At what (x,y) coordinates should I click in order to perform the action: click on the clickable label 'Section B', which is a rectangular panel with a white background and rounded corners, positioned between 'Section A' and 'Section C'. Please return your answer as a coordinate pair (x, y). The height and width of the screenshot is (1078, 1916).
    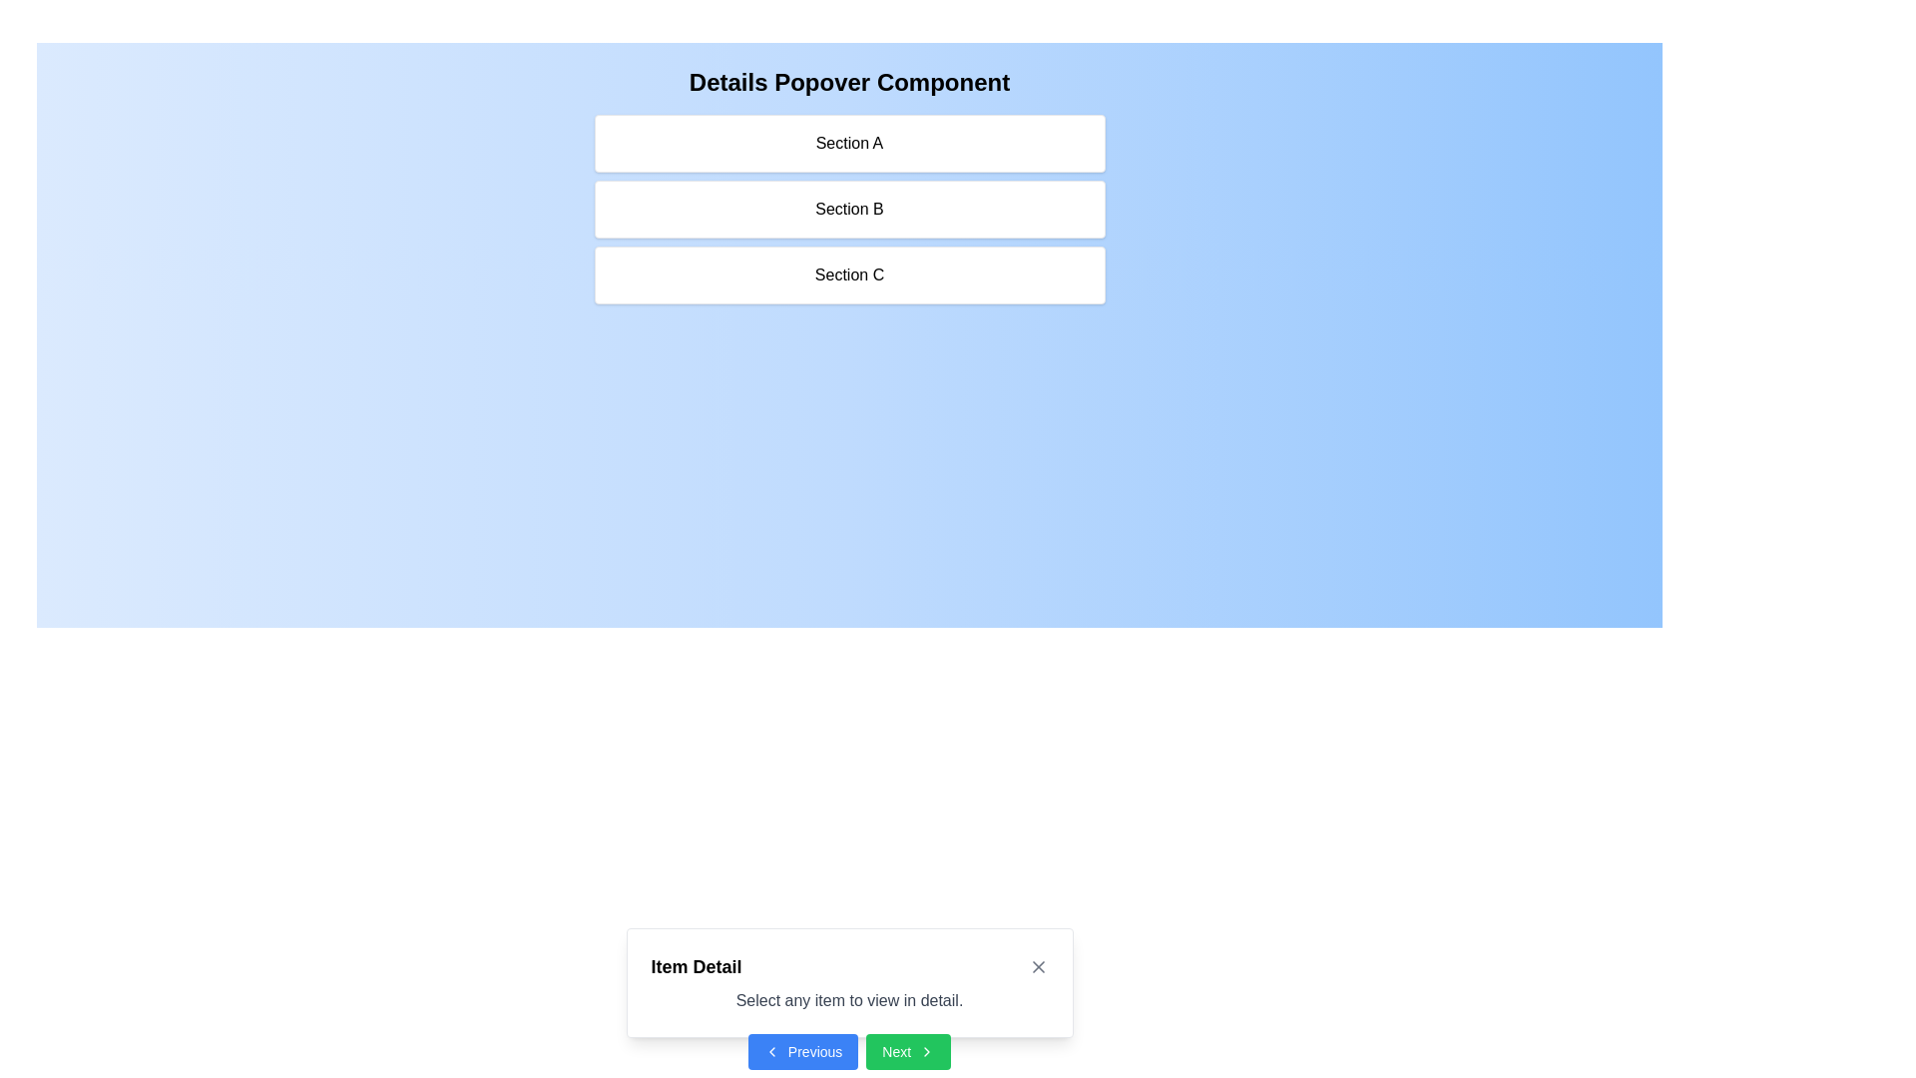
    Looking at the image, I should click on (849, 209).